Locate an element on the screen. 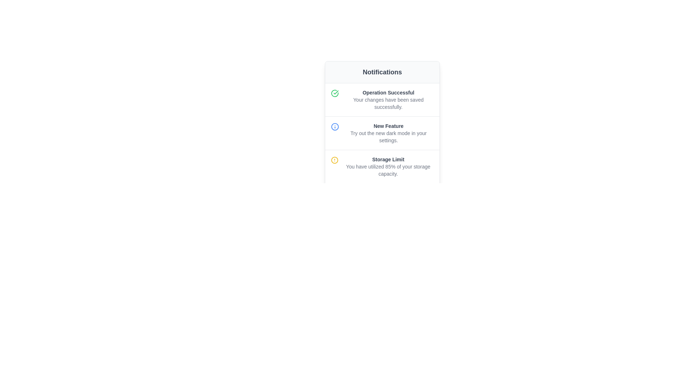  the information indicator icon located to the left of the text within the 'New Feature' notification card for potential interaction is located at coordinates (334, 126).